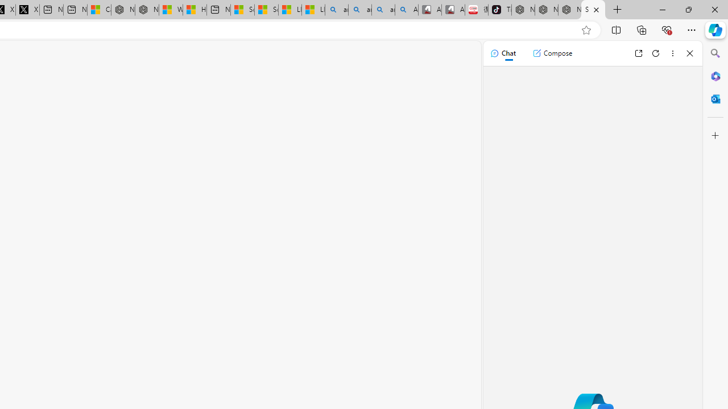 This screenshot has width=728, height=409. What do you see at coordinates (569, 10) in the screenshot?
I see `'Nordace - Siena Pro 15 Essential Set'` at bounding box center [569, 10].